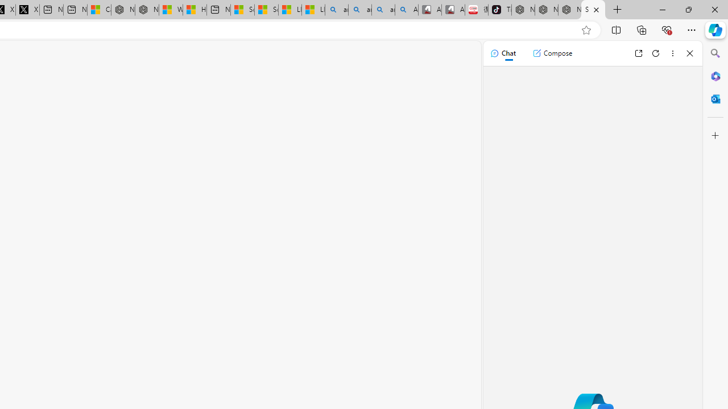 This screenshot has width=728, height=409. What do you see at coordinates (569, 10) in the screenshot?
I see `'Nordace - Siena Pro 15 Essential Set'` at bounding box center [569, 10].